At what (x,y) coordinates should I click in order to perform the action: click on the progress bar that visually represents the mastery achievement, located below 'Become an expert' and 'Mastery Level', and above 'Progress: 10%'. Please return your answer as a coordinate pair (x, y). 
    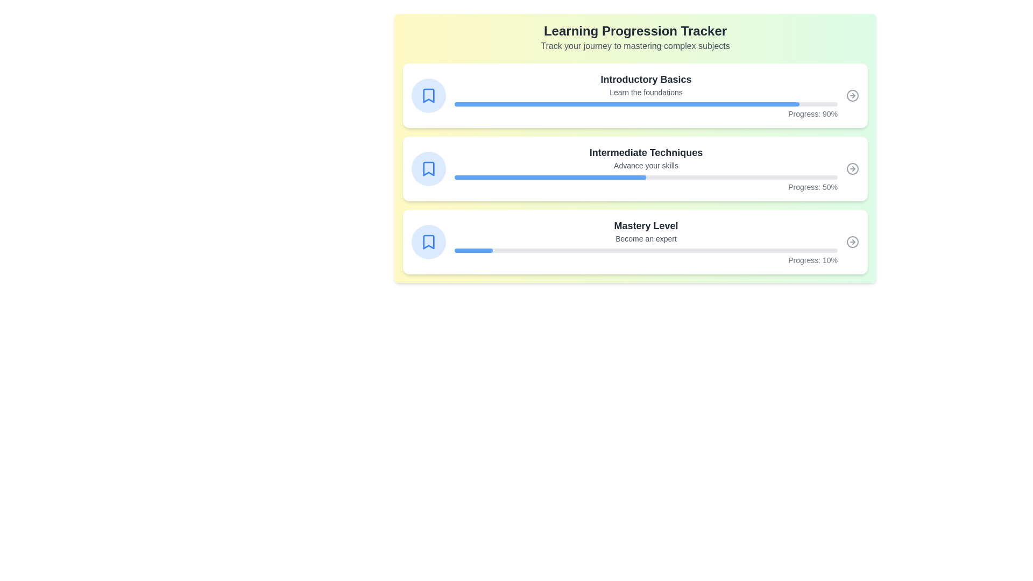
    Looking at the image, I should click on (646, 251).